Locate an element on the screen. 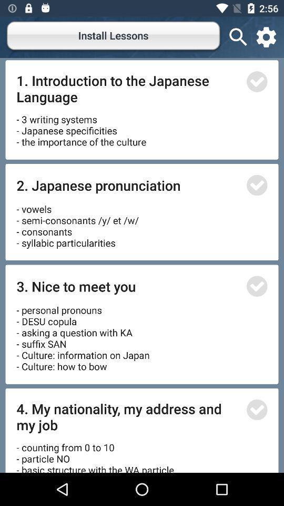  the icon above 3 writing systems is located at coordinates (128, 88).